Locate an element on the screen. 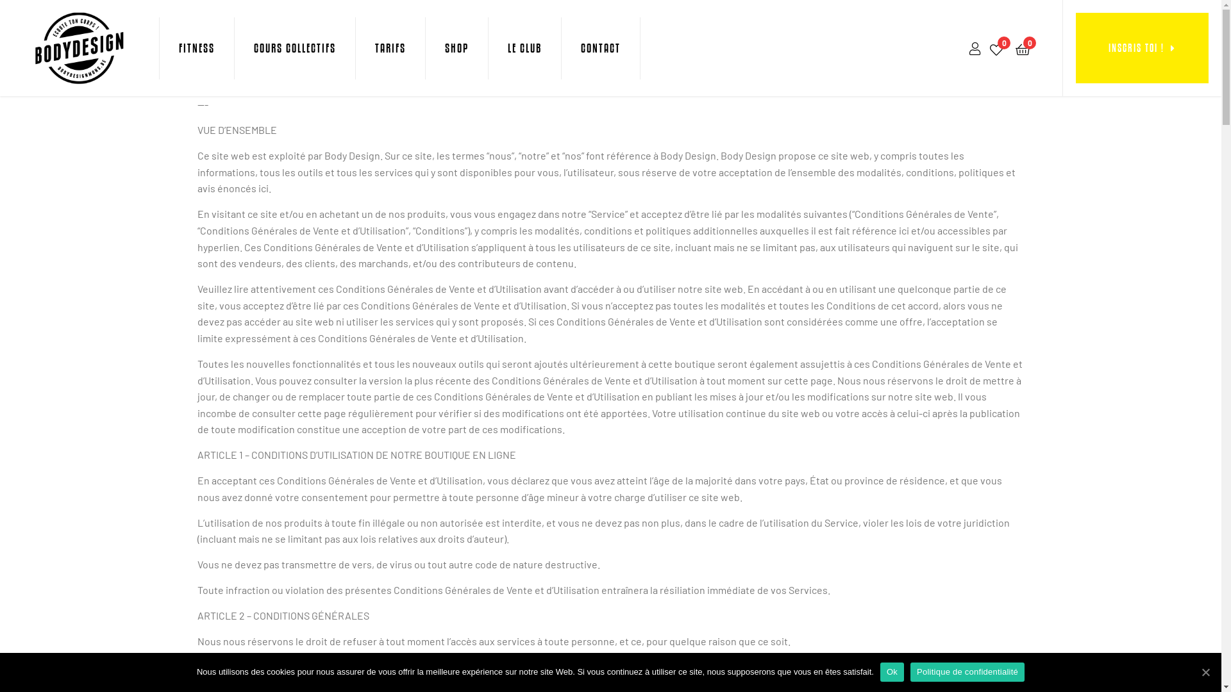 This screenshot has width=1231, height=692. '0' is located at coordinates (1022, 47).